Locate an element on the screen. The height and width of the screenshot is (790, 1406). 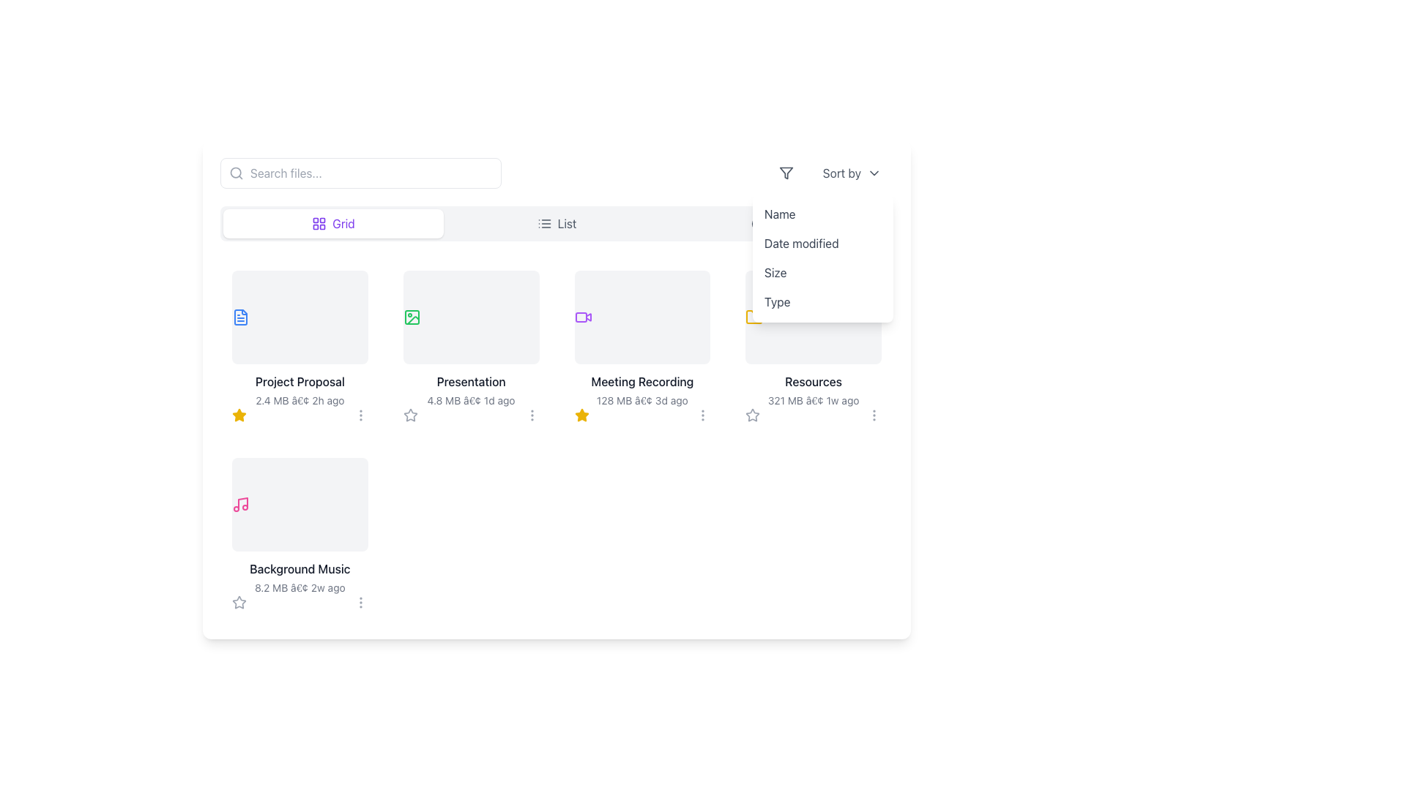
the Text block with metadata that provides information about the file named 'Presentation', including file size and last modification time is located at coordinates (471, 389).